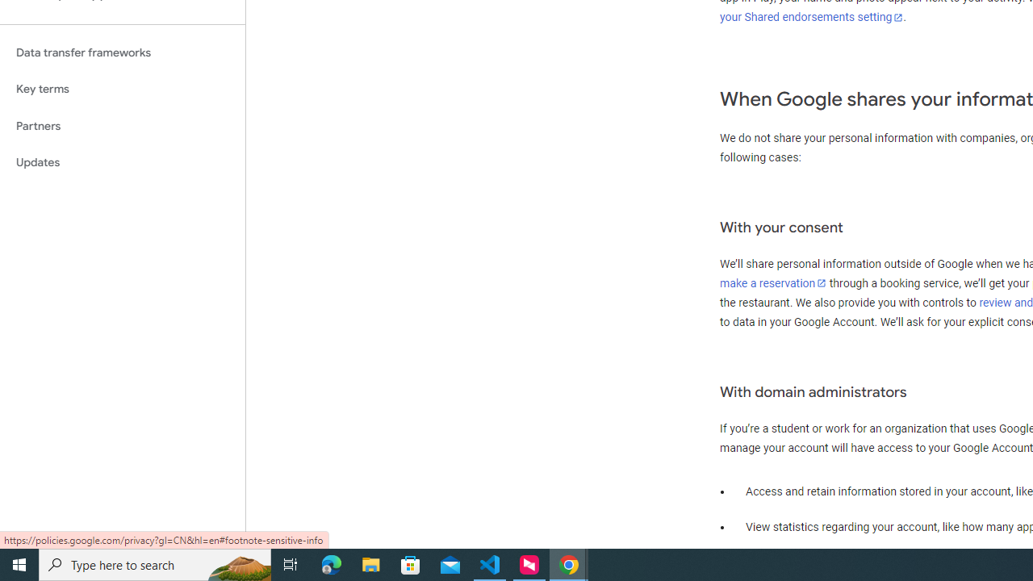 This screenshot has height=581, width=1033. Describe the element at coordinates (122, 52) in the screenshot. I see `'Data transfer frameworks'` at that location.